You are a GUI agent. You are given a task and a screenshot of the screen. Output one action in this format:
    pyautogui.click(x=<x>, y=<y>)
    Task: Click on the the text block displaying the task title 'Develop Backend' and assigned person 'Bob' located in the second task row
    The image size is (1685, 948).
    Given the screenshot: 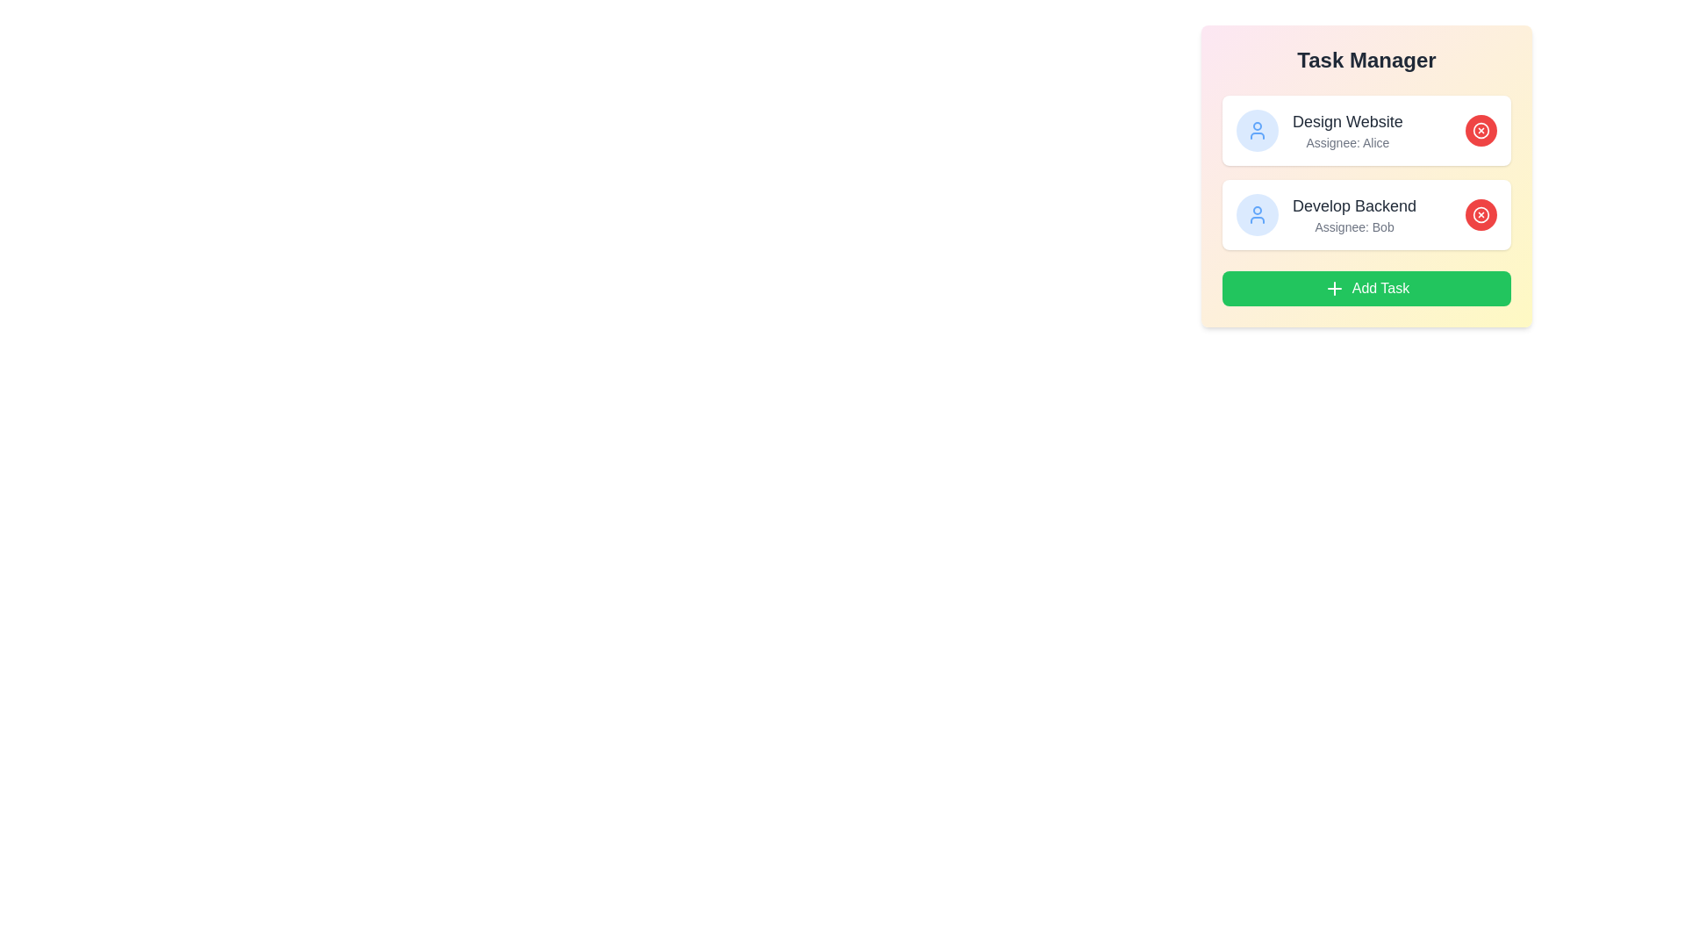 What is the action you would take?
    pyautogui.click(x=1353, y=214)
    